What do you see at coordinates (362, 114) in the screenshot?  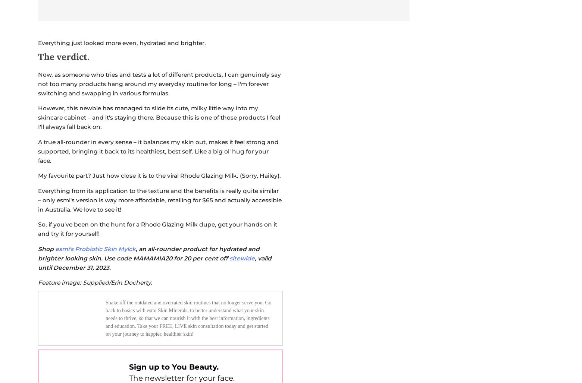 I see `'Work & Money'` at bounding box center [362, 114].